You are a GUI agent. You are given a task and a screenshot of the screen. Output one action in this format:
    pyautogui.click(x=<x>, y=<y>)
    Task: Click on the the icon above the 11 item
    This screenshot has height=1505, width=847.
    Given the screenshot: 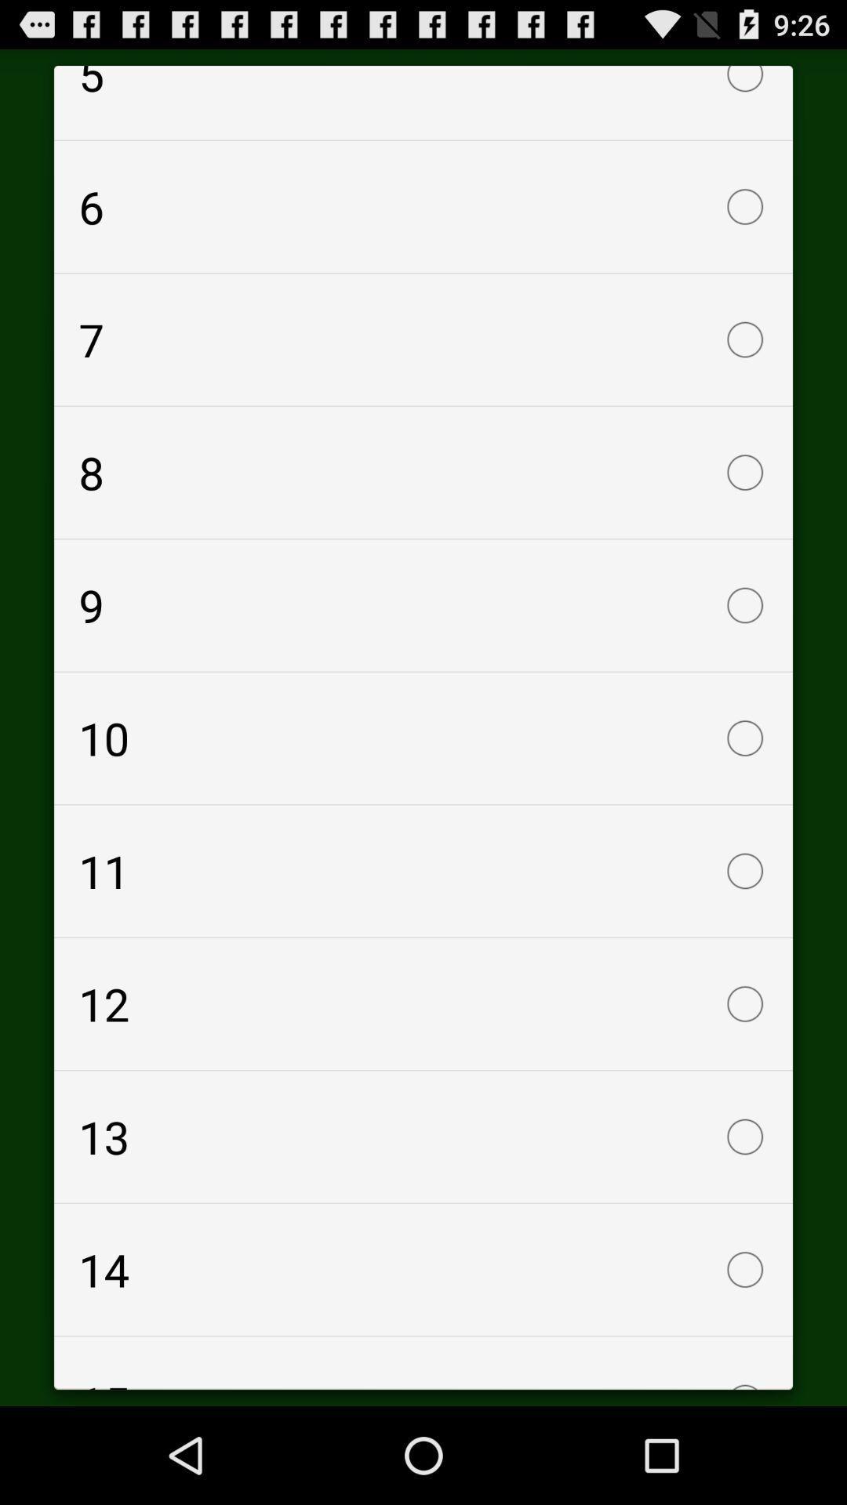 What is the action you would take?
    pyautogui.click(x=423, y=737)
    